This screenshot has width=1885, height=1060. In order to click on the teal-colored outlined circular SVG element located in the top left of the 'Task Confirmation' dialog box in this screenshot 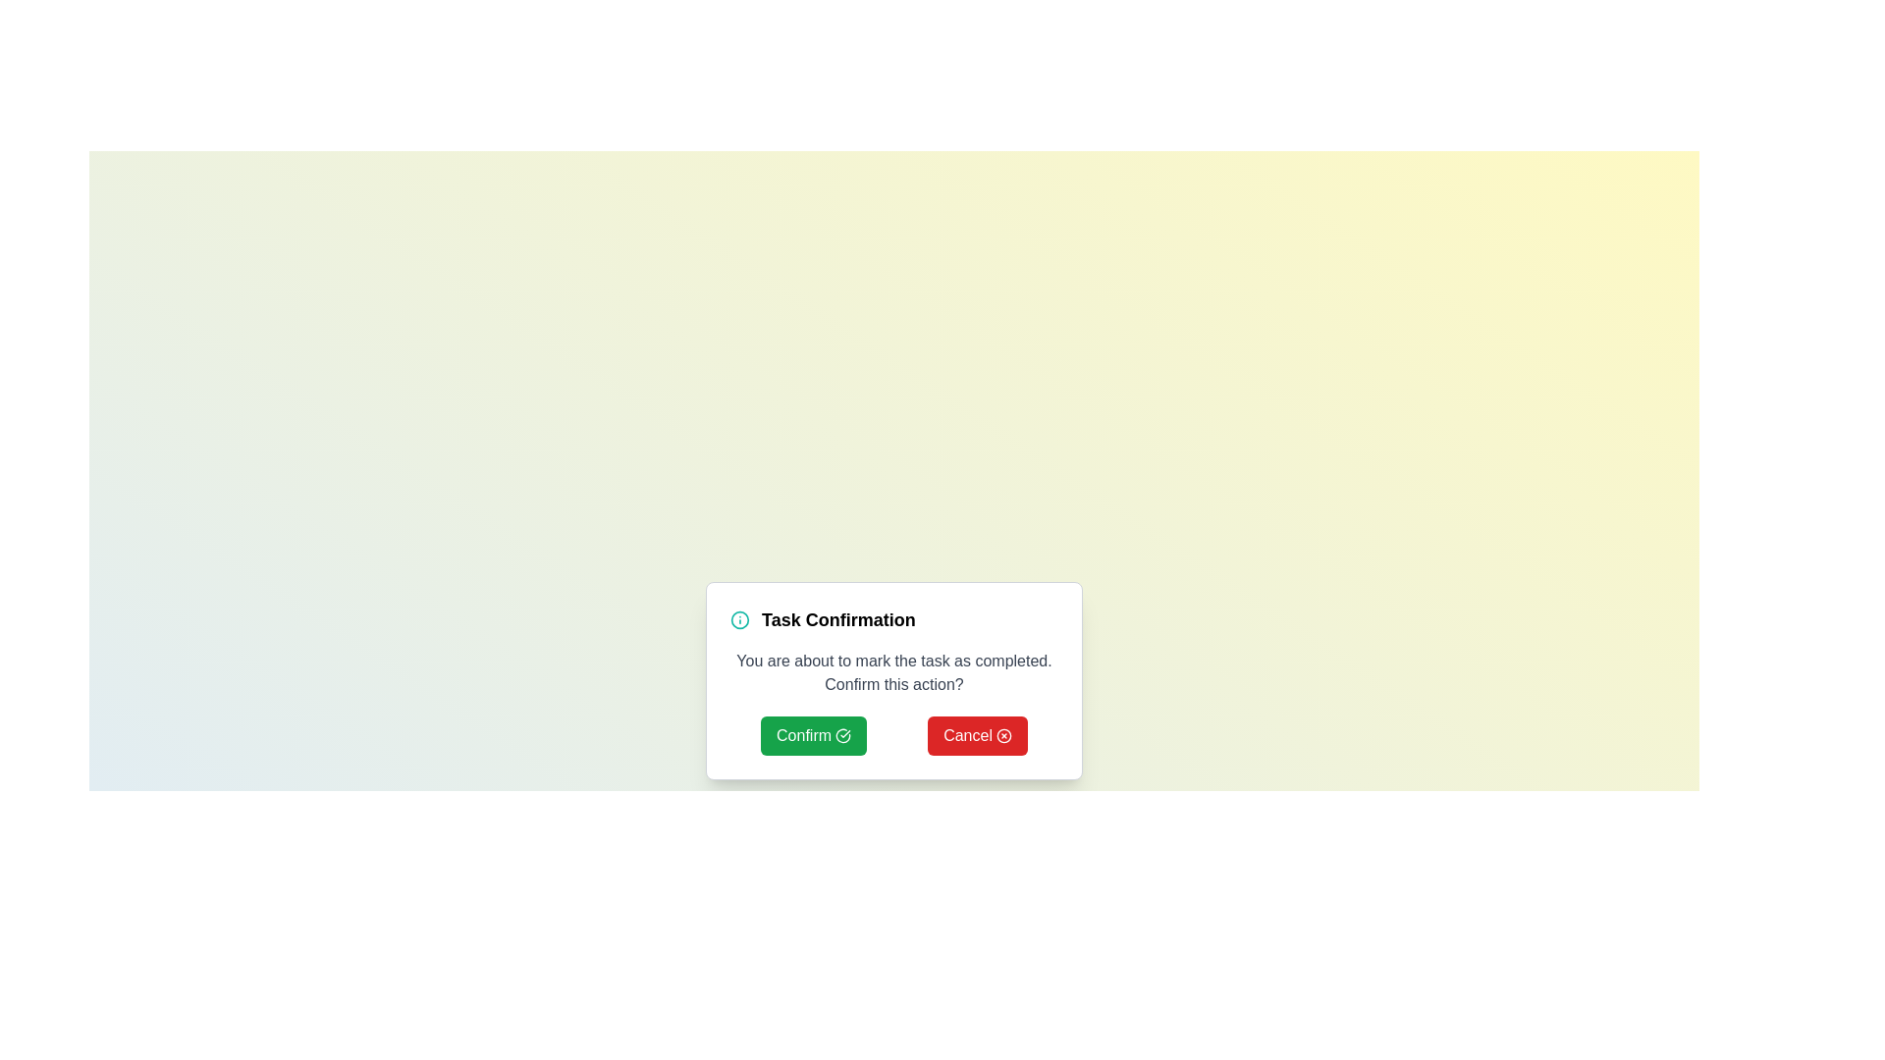, I will do `click(738, 620)`.